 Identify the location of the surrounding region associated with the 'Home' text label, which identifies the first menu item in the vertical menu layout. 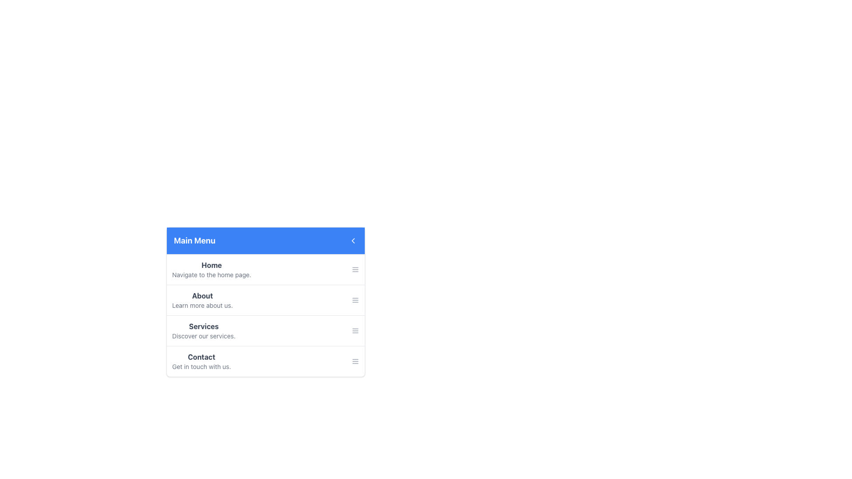
(211, 264).